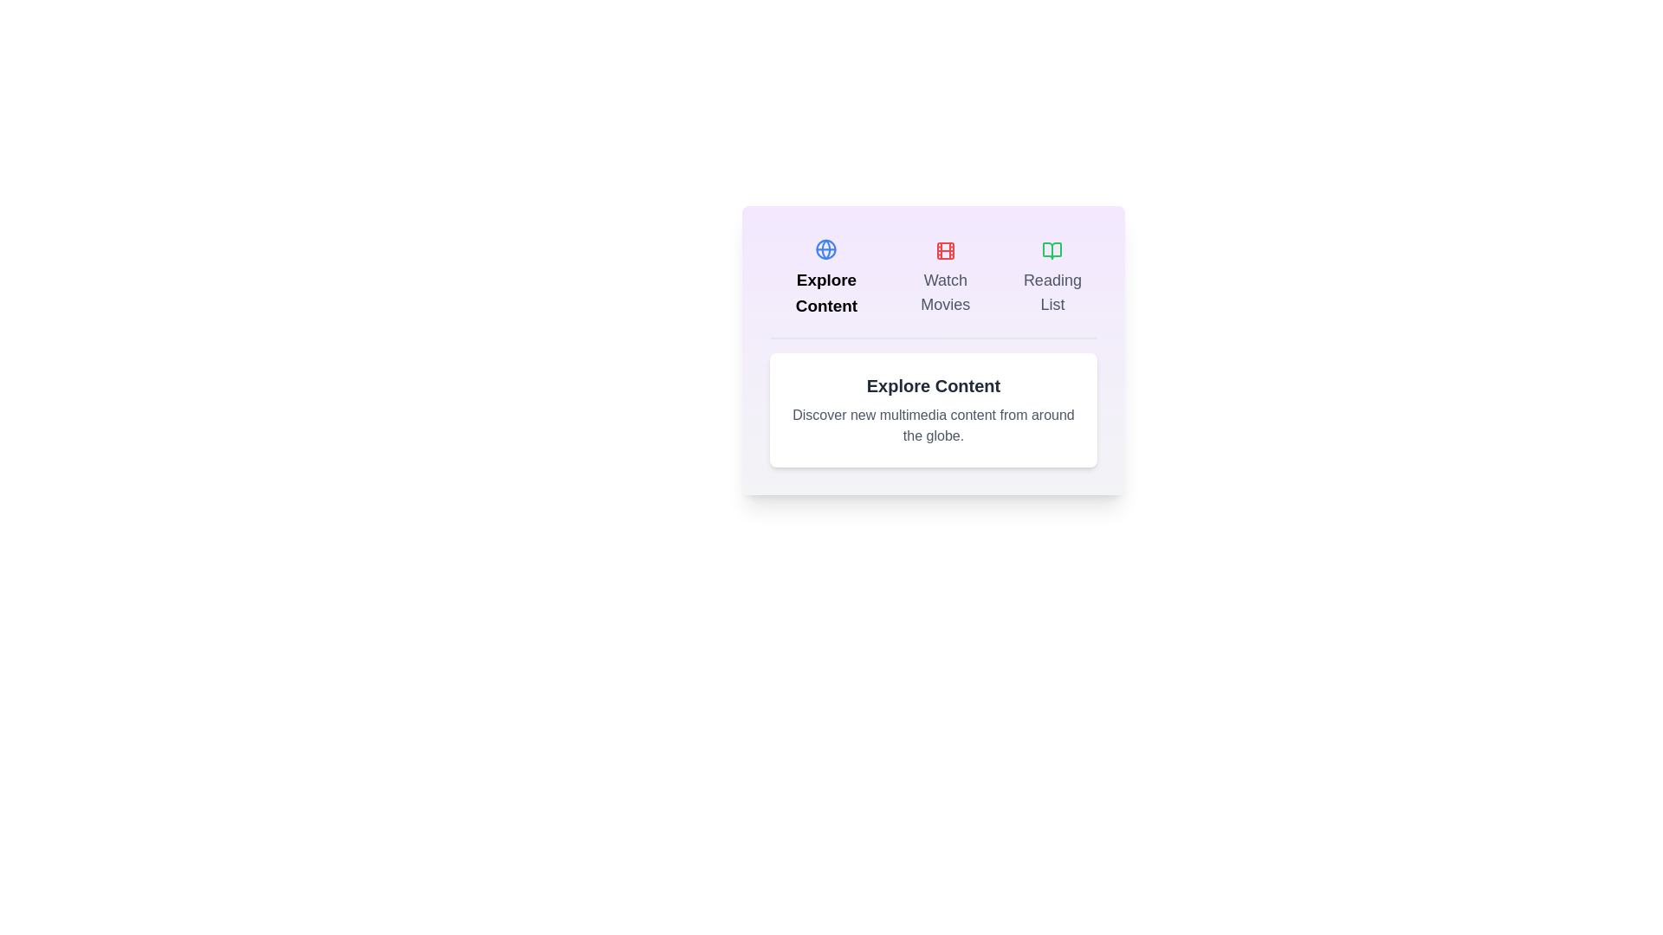 The width and height of the screenshot is (1663, 935). I want to click on the tab labeled 'Reading List' to switch the content, so click(1051, 277).